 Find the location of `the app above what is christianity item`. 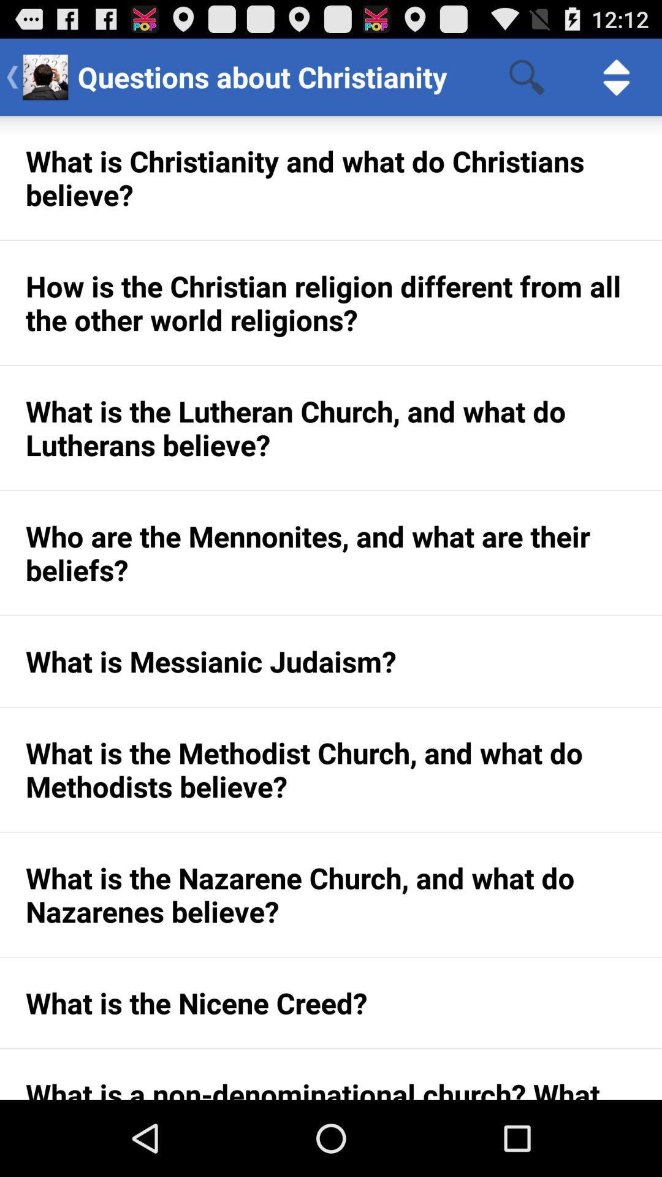

the app above what is christianity item is located at coordinates (526, 76).